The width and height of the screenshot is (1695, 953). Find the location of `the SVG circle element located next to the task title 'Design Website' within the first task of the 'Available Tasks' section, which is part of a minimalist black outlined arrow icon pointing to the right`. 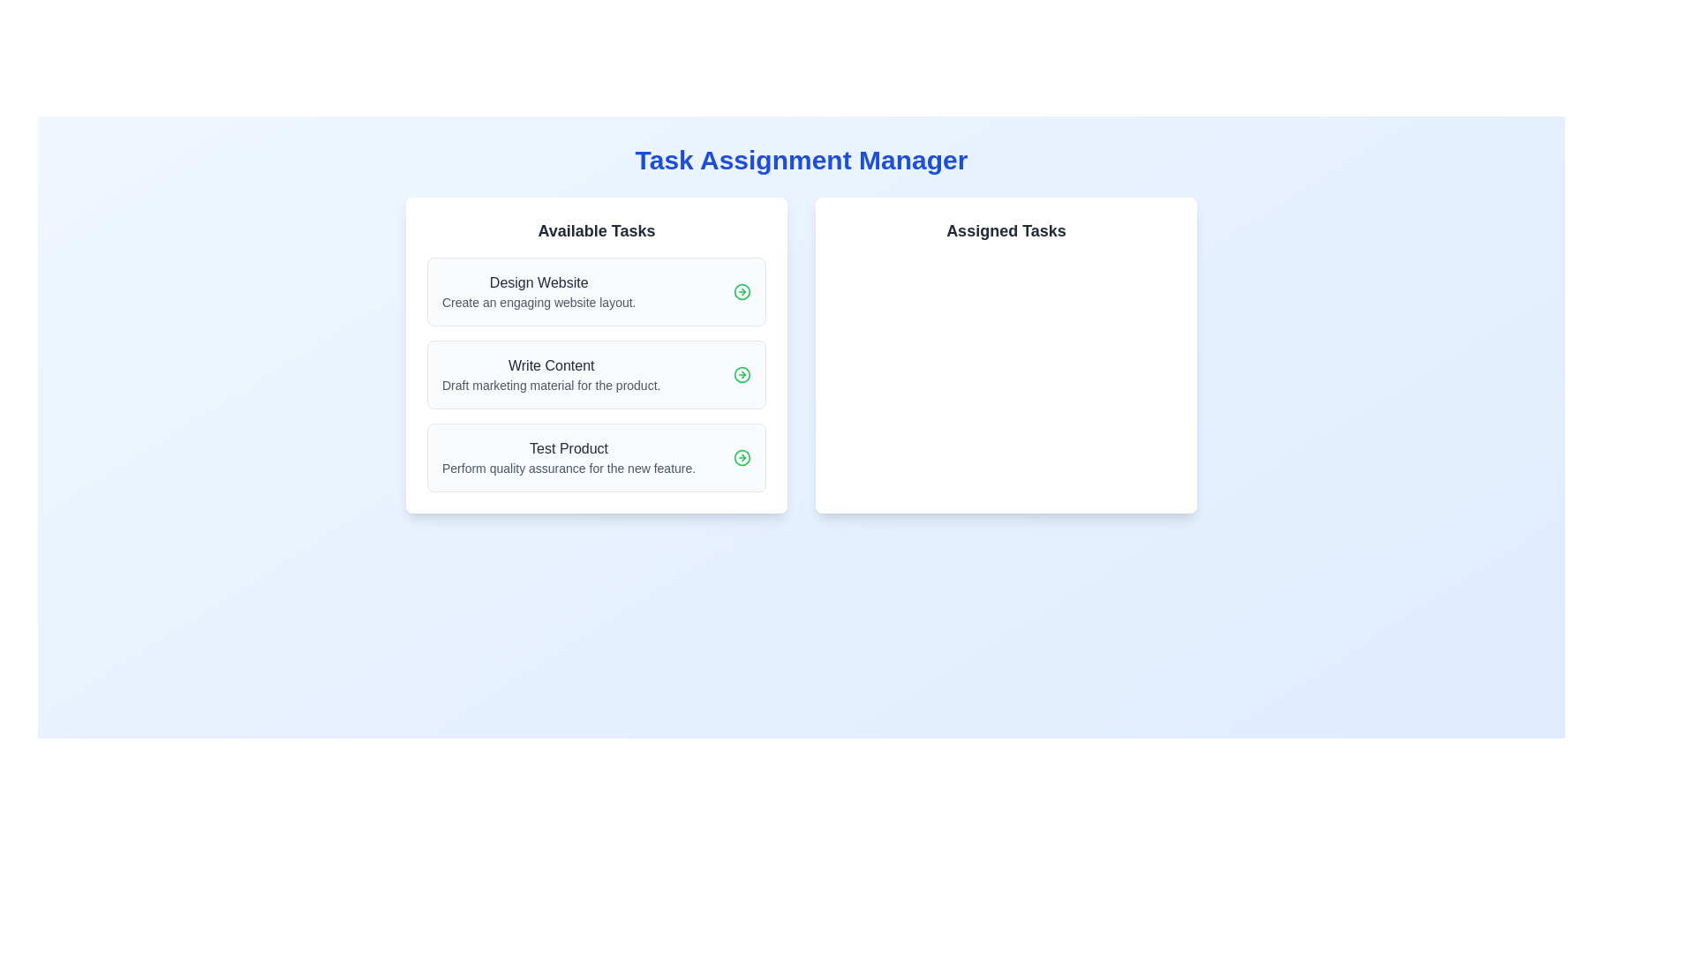

the SVG circle element located next to the task title 'Design Website' within the first task of the 'Available Tasks' section, which is part of a minimalist black outlined arrow icon pointing to the right is located at coordinates (742, 291).